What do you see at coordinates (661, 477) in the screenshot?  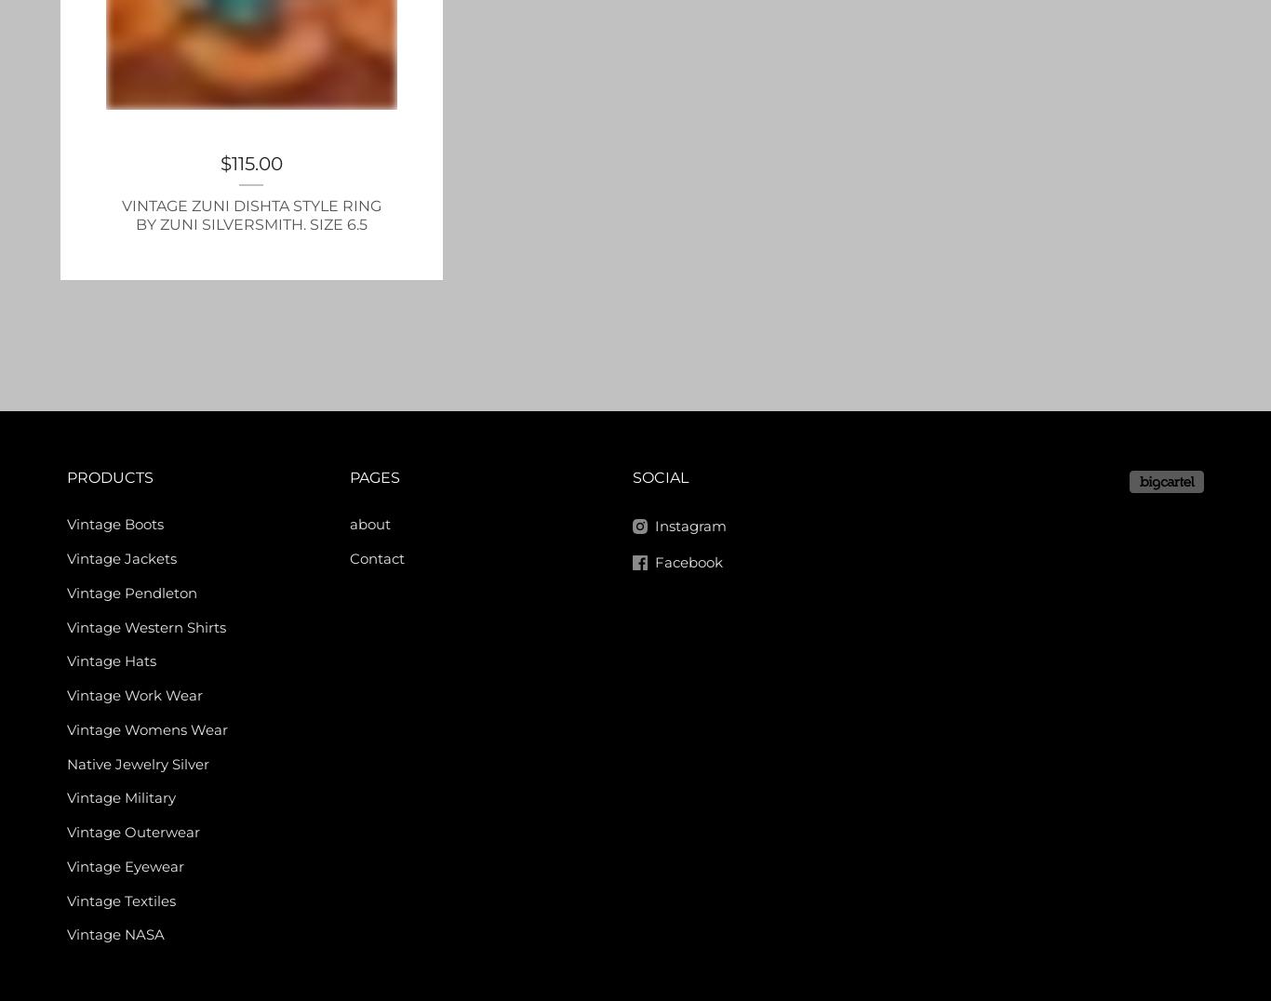 I see `'Social'` at bounding box center [661, 477].